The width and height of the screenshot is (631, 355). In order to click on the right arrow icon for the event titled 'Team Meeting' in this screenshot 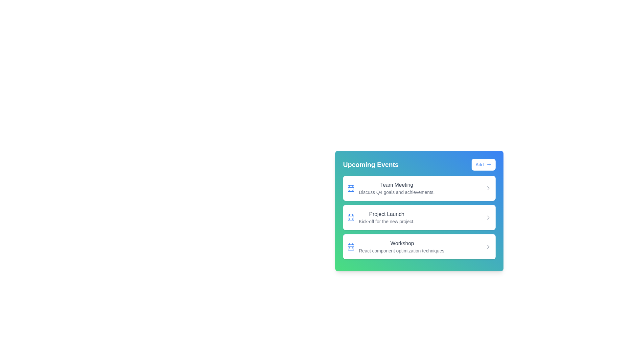, I will do `click(488, 188)`.